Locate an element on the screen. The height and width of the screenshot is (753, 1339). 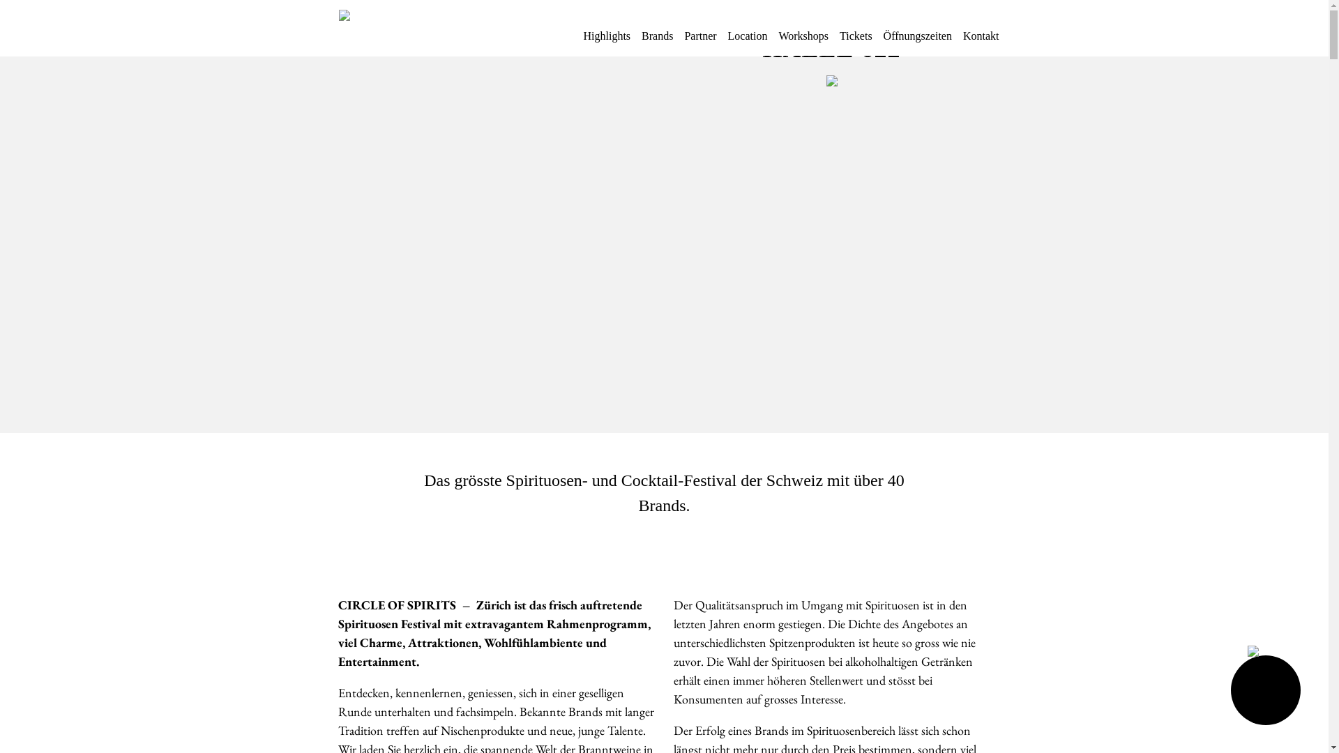
'Location' is located at coordinates (727, 41).